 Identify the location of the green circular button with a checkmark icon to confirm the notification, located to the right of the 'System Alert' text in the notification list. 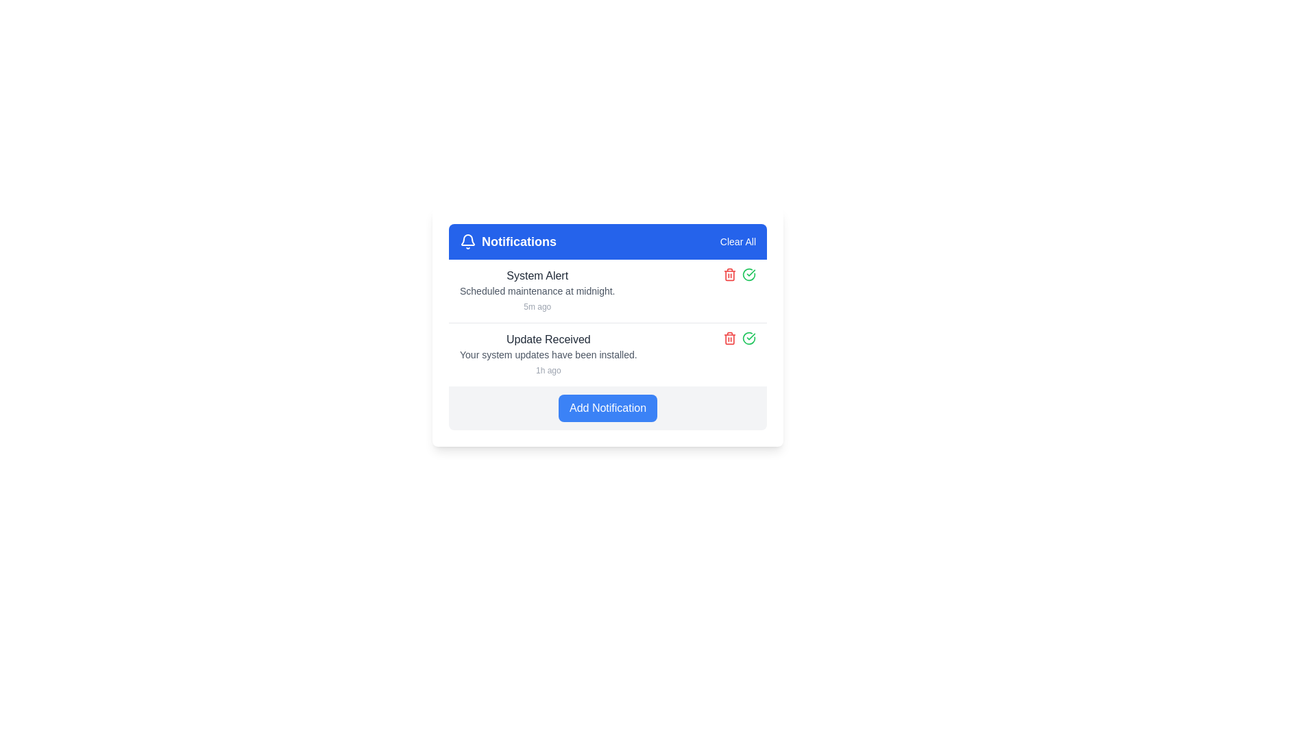
(748, 338).